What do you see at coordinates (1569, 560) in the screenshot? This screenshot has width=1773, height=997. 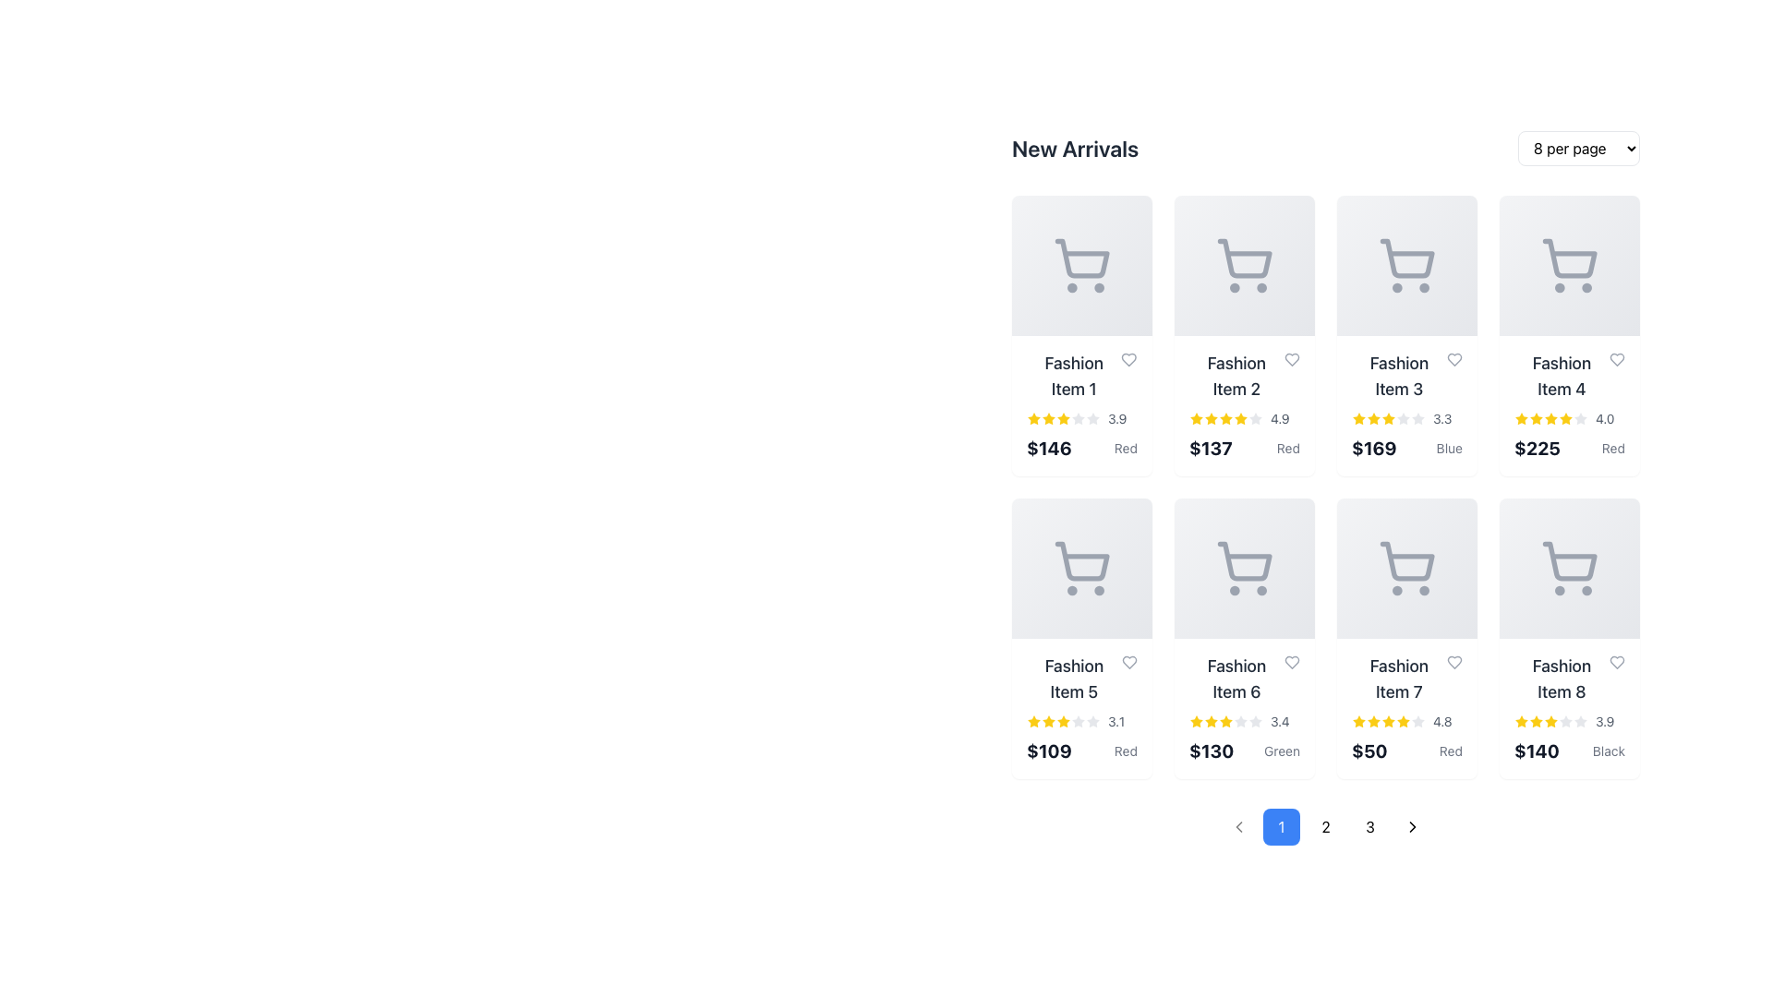 I see `the main body of the shopping cart icon, which is part of the SVG element representing the add to cart action, located in the last grid item of the second row of the product listing` at bounding box center [1569, 560].